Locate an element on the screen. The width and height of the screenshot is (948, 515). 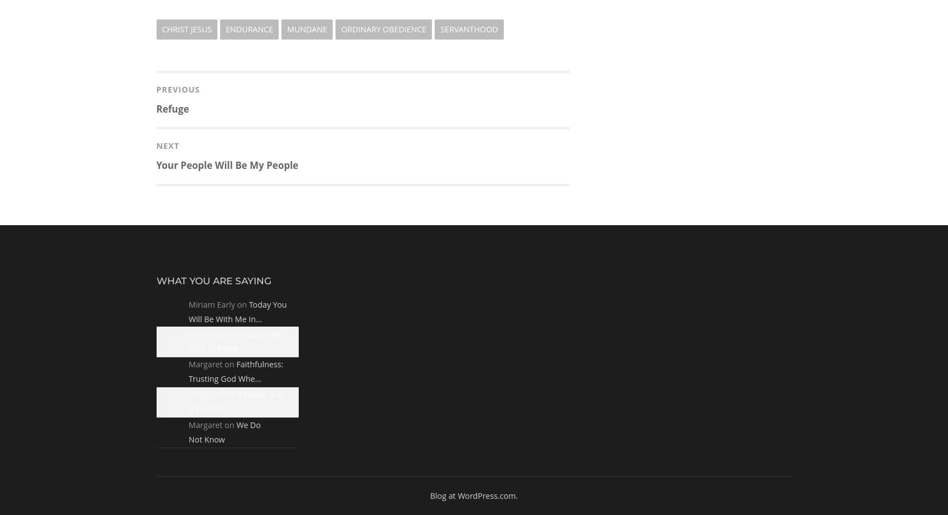
'Previous' is located at coordinates (177, 89).